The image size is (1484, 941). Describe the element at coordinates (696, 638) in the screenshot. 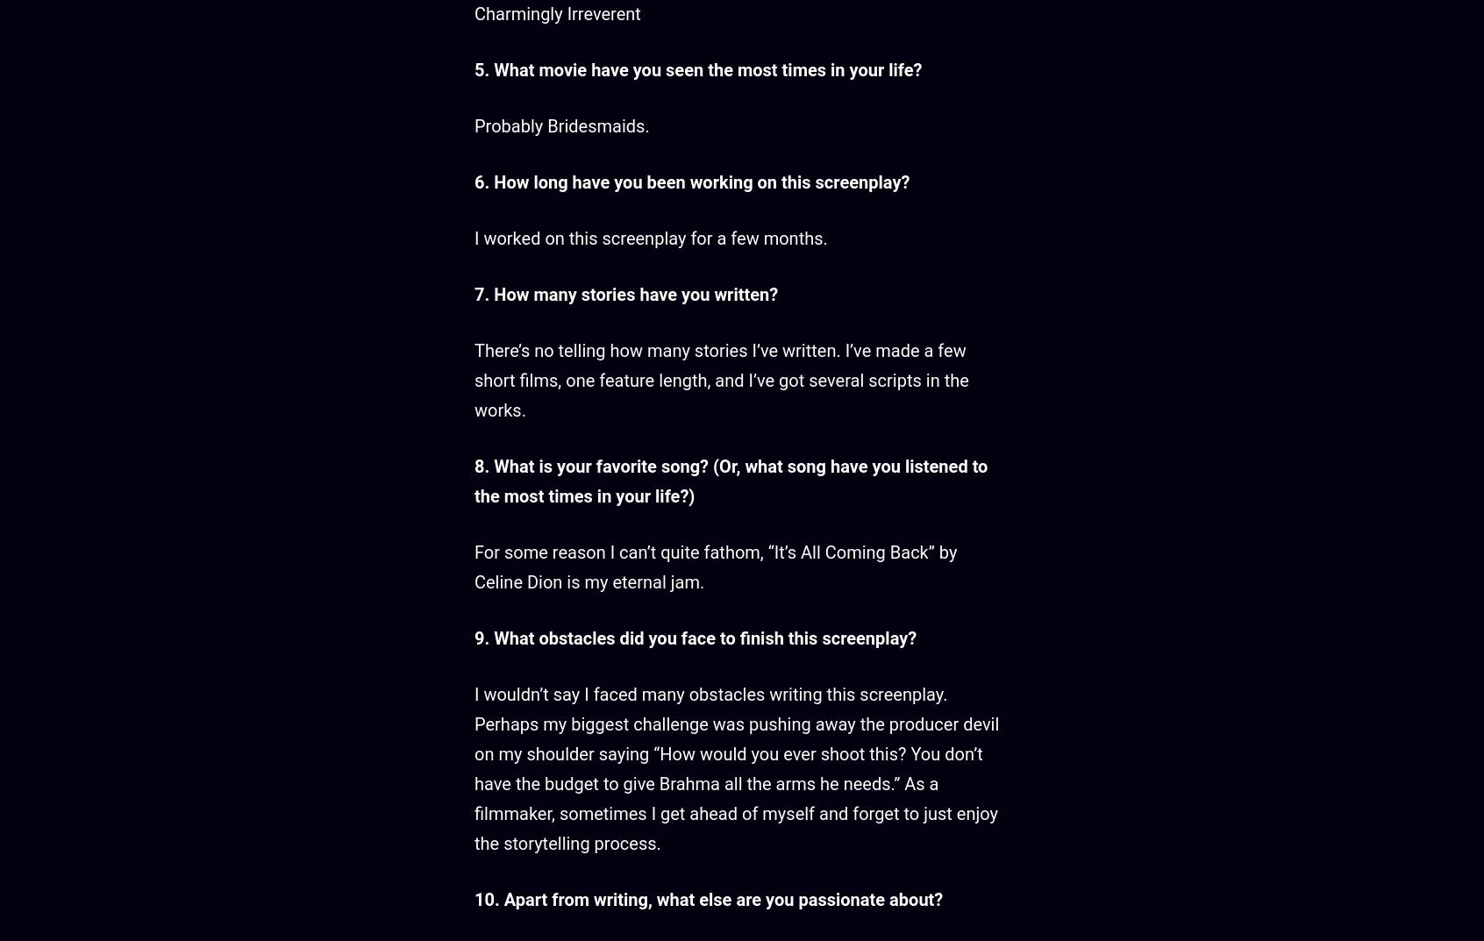

I see `'9. What obstacles did you face to finish this screenplay?'` at that location.